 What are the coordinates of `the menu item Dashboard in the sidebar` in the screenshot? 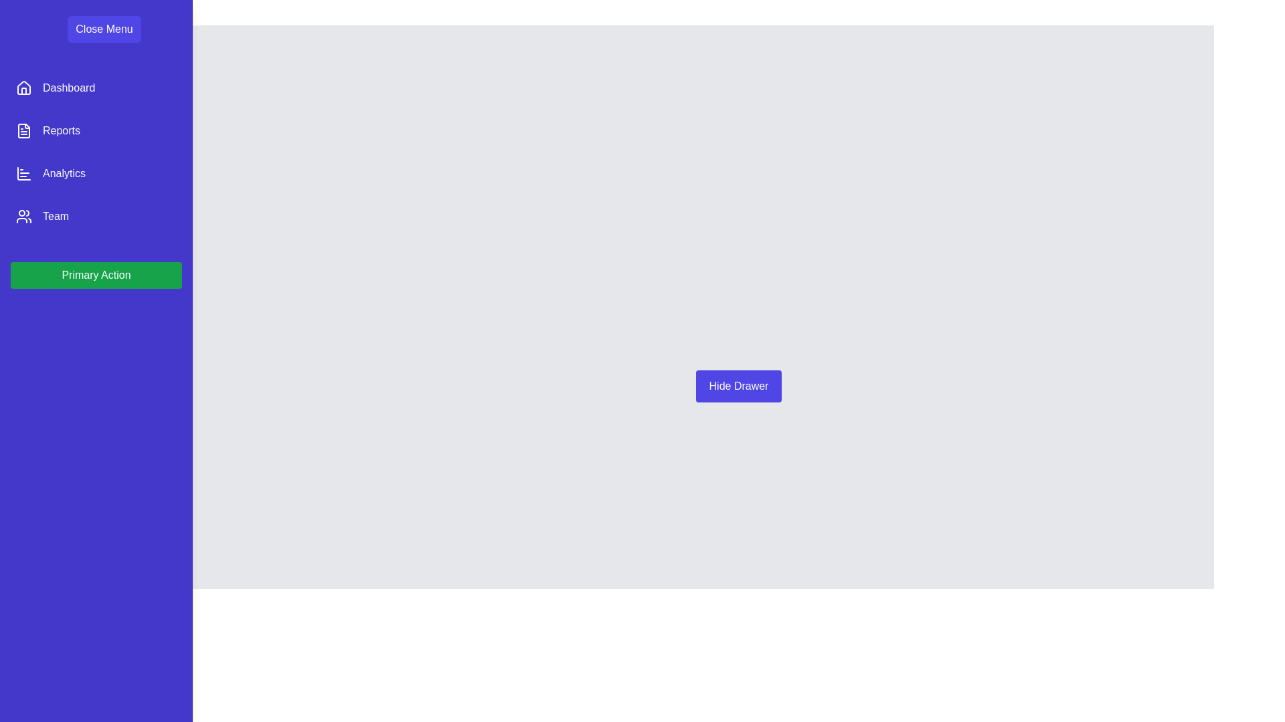 It's located at (96, 88).